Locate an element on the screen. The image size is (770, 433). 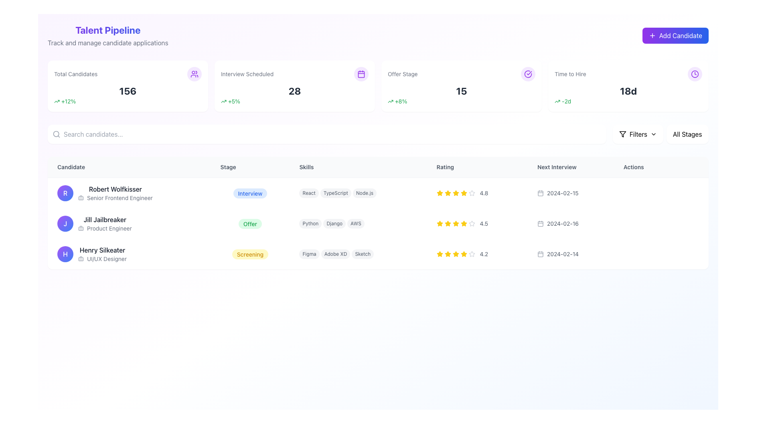
the filter symbol icon, which resembles a funnel and is located in the toolbar next to the 'Filters' dropdown menu is located at coordinates (622, 134).